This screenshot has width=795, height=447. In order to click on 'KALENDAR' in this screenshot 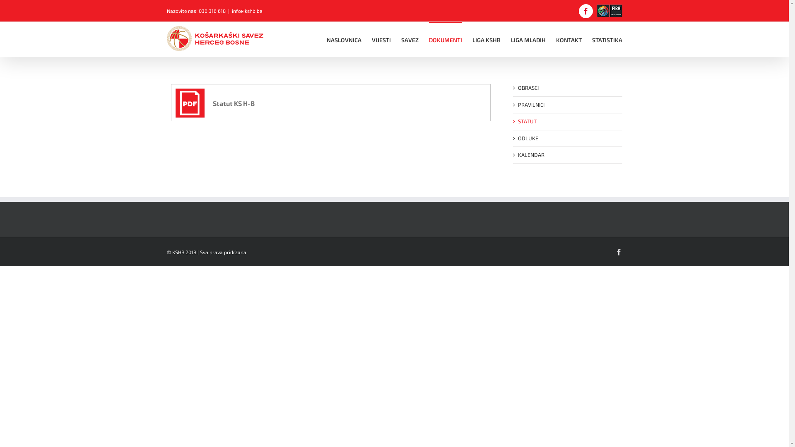, I will do `click(517, 155)`.